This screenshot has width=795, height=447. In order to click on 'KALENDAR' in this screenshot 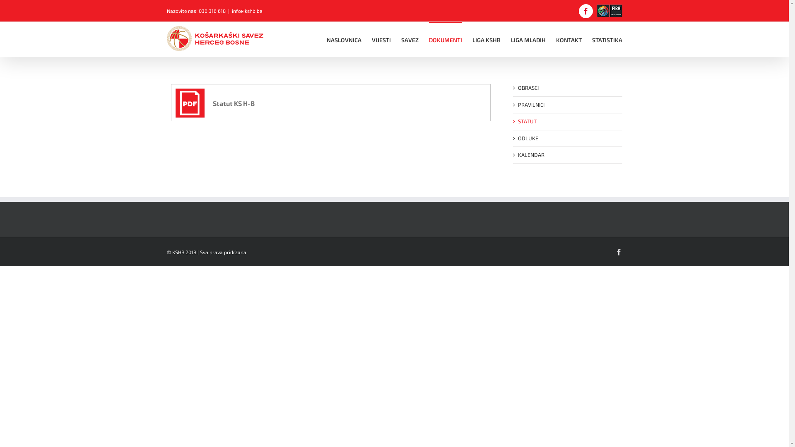, I will do `click(517, 155)`.